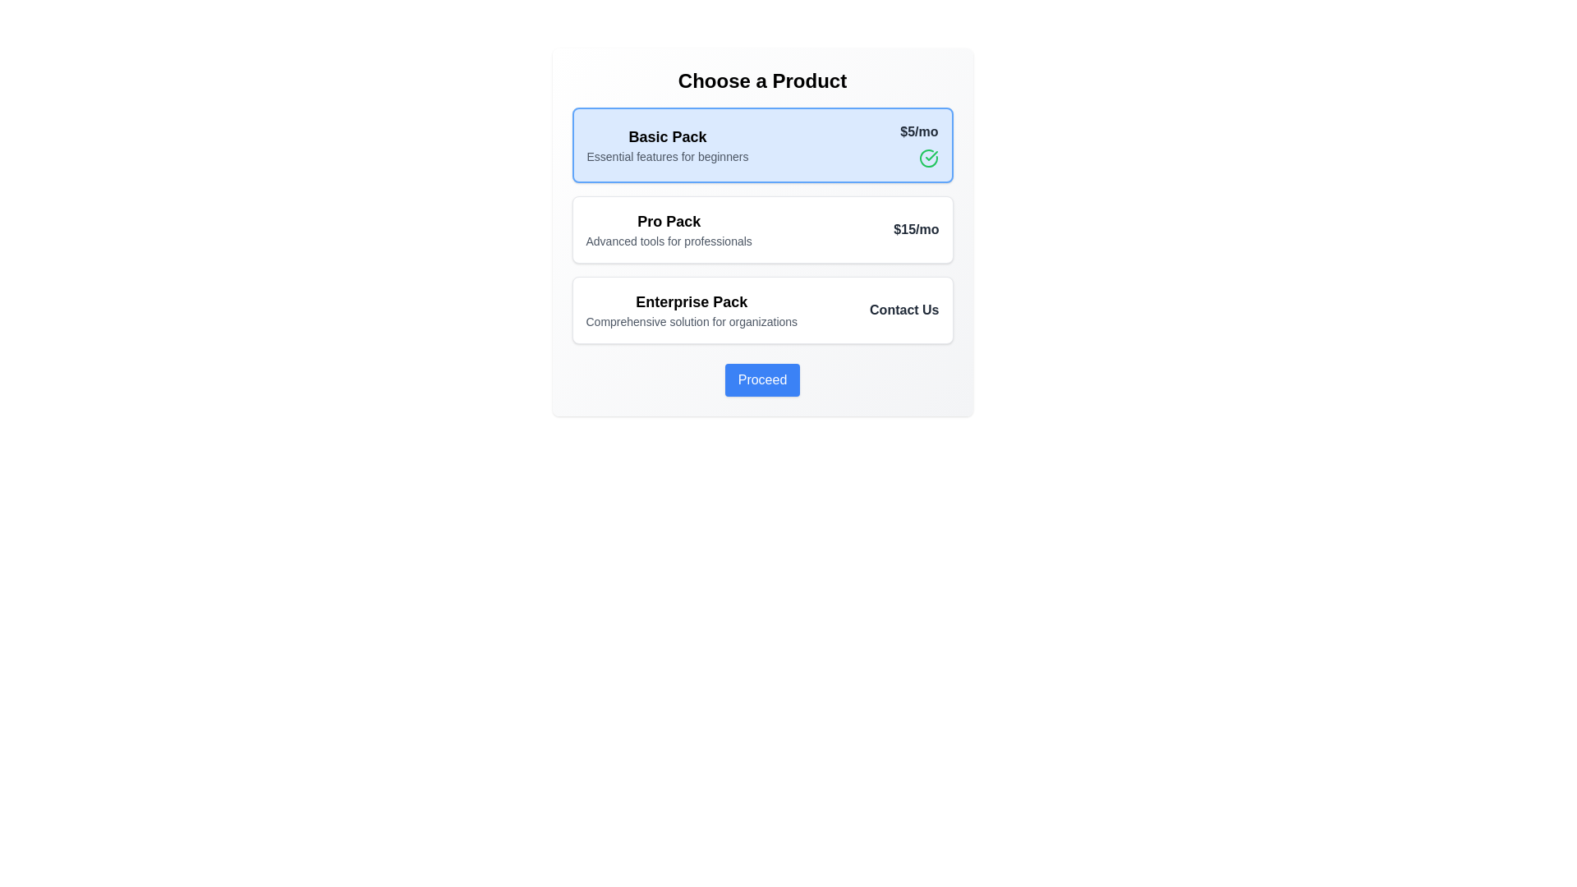 The height and width of the screenshot is (887, 1577). I want to click on the circular green outlined graphical component within the 'Basic Pack' card, located to the right of the '$5/mo' price label, so click(928, 158).